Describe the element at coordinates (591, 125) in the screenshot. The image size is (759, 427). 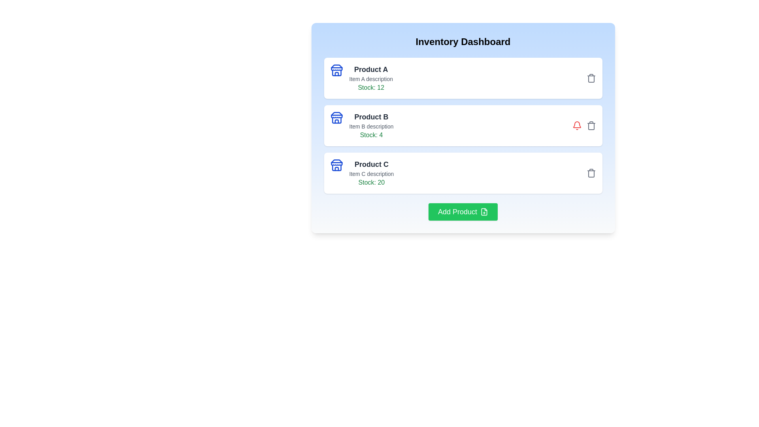
I see `delete button for the product identified by Product B` at that location.